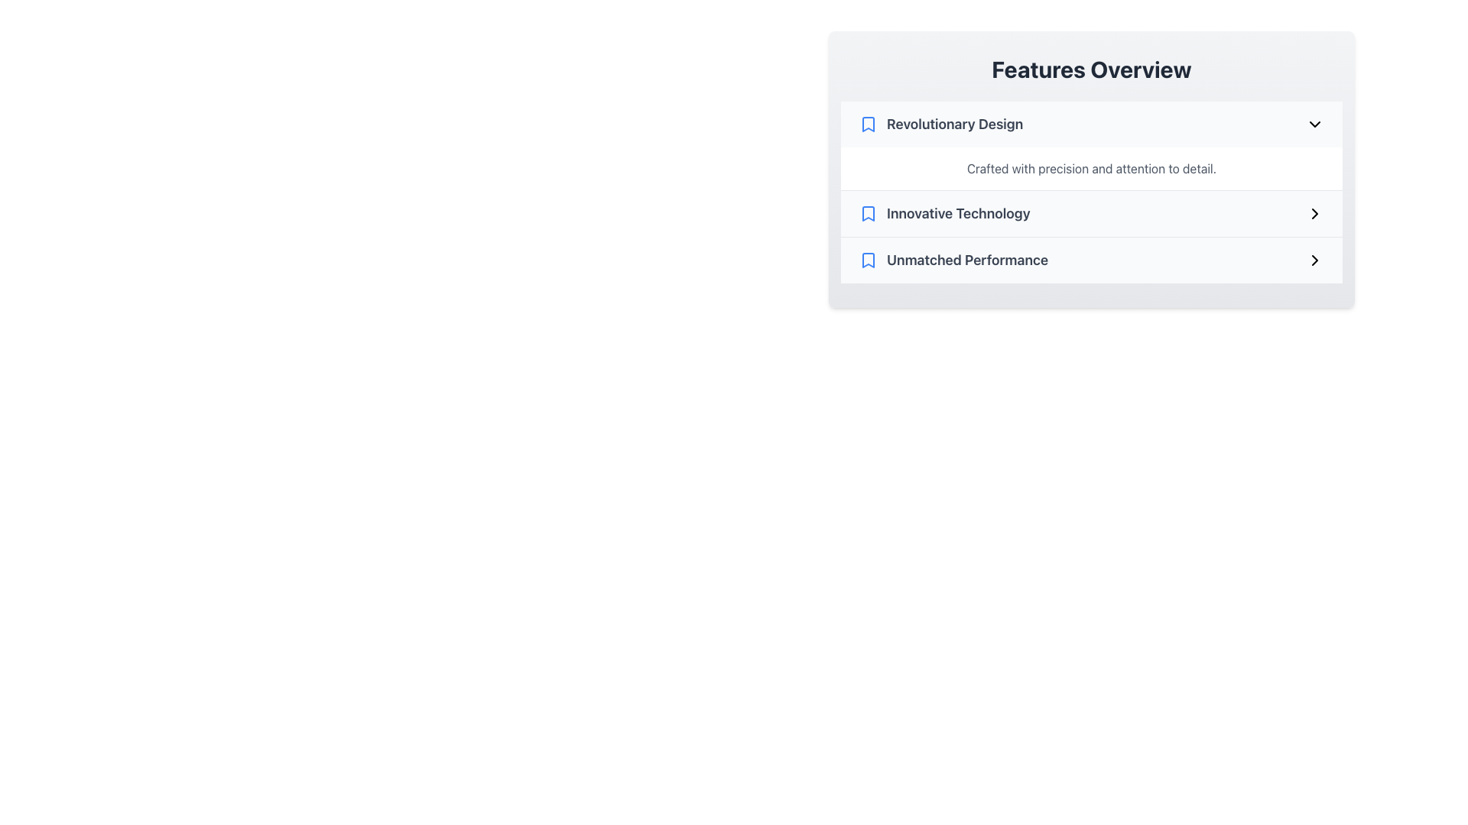  What do you see at coordinates (1314, 214) in the screenshot?
I see `the vector icon located adjacent to the text label of the 'Innovative Technology' list item in the 'Features Overview' section` at bounding box center [1314, 214].